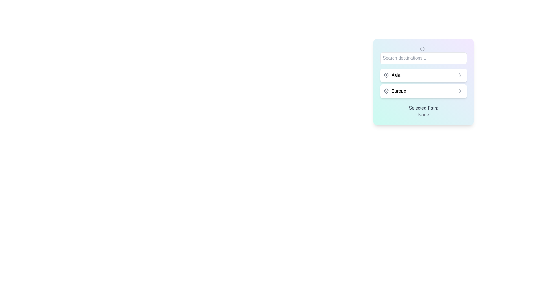 This screenshot has height=305, width=542. I want to click on the 'Asia' text-label UI element located in the second row of selectable options, which is part of a white card with rounded design, so click(391, 75).